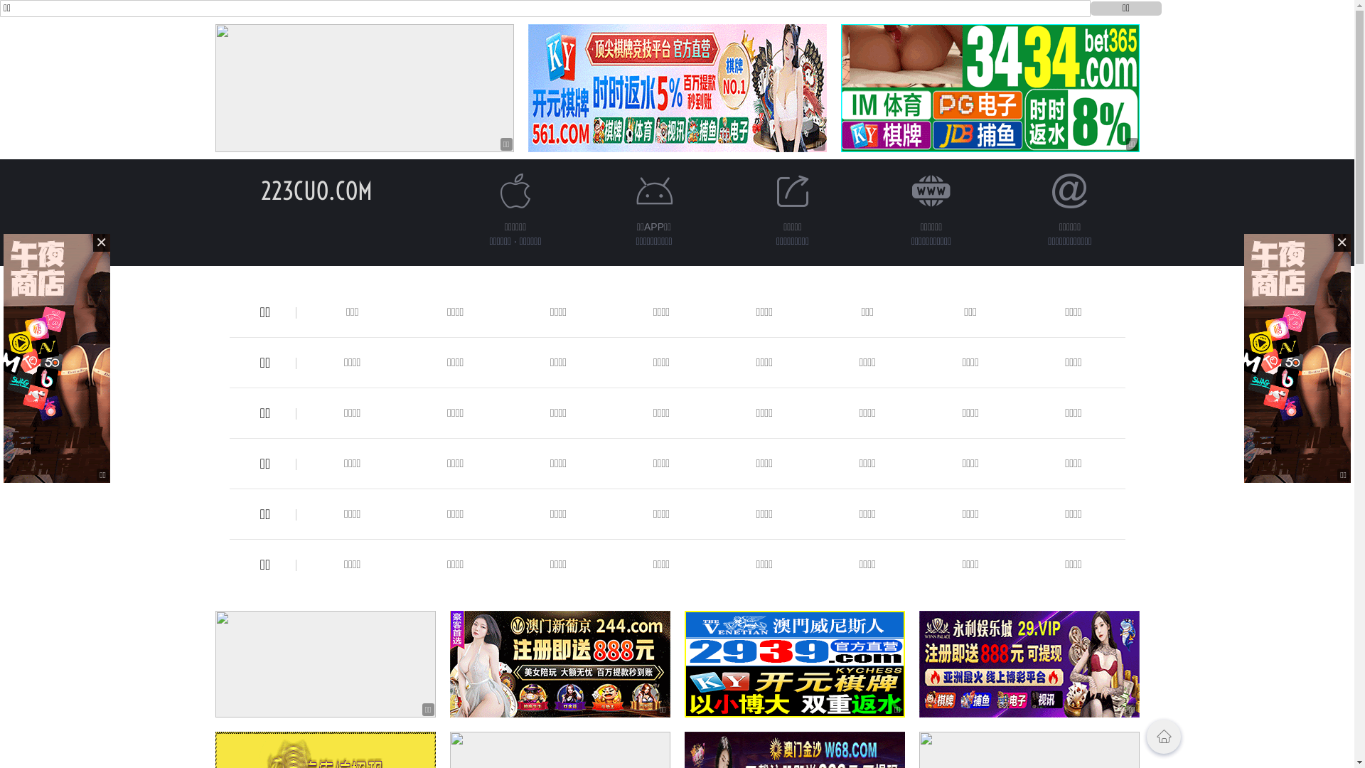 Image resolution: width=1365 pixels, height=768 pixels. What do you see at coordinates (316, 190) in the screenshot?
I see `'223CUO.COM'` at bounding box center [316, 190].